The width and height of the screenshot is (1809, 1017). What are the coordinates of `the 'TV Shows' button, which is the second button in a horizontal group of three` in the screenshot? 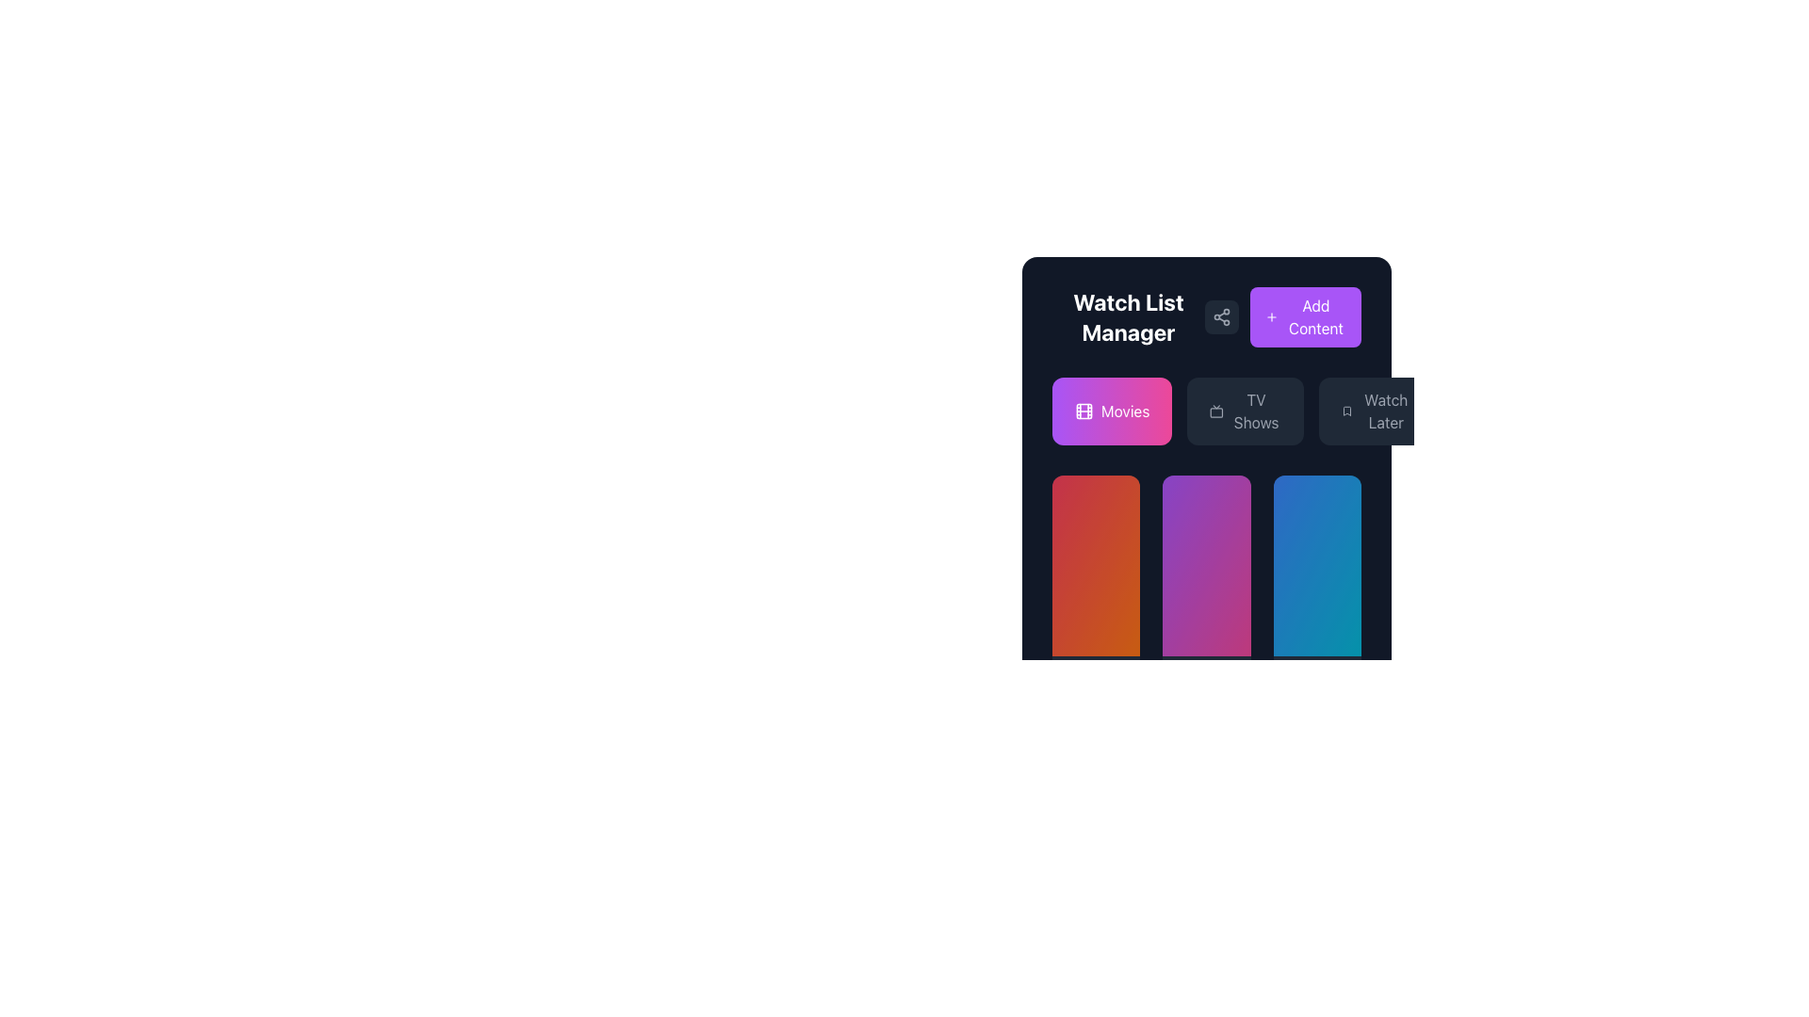 It's located at (1207, 446).